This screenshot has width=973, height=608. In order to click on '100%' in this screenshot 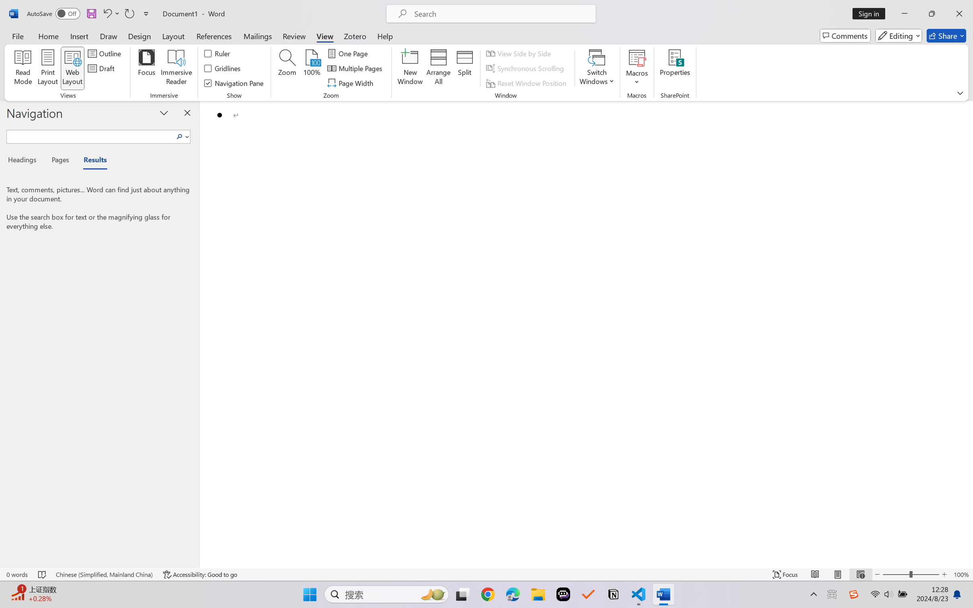, I will do `click(312, 68)`.